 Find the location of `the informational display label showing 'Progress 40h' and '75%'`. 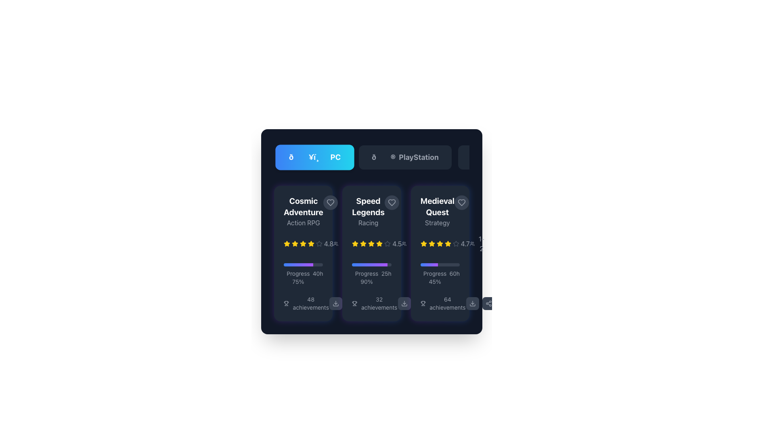

the informational display label showing 'Progress 40h' and '75%' is located at coordinates (303, 277).